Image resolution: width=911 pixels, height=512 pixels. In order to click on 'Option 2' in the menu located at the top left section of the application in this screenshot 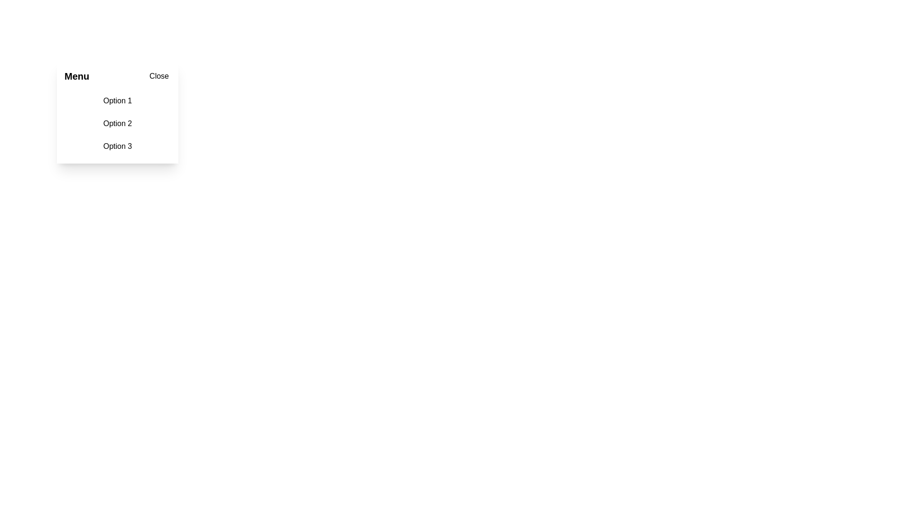, I will do `click(117, 123)`.